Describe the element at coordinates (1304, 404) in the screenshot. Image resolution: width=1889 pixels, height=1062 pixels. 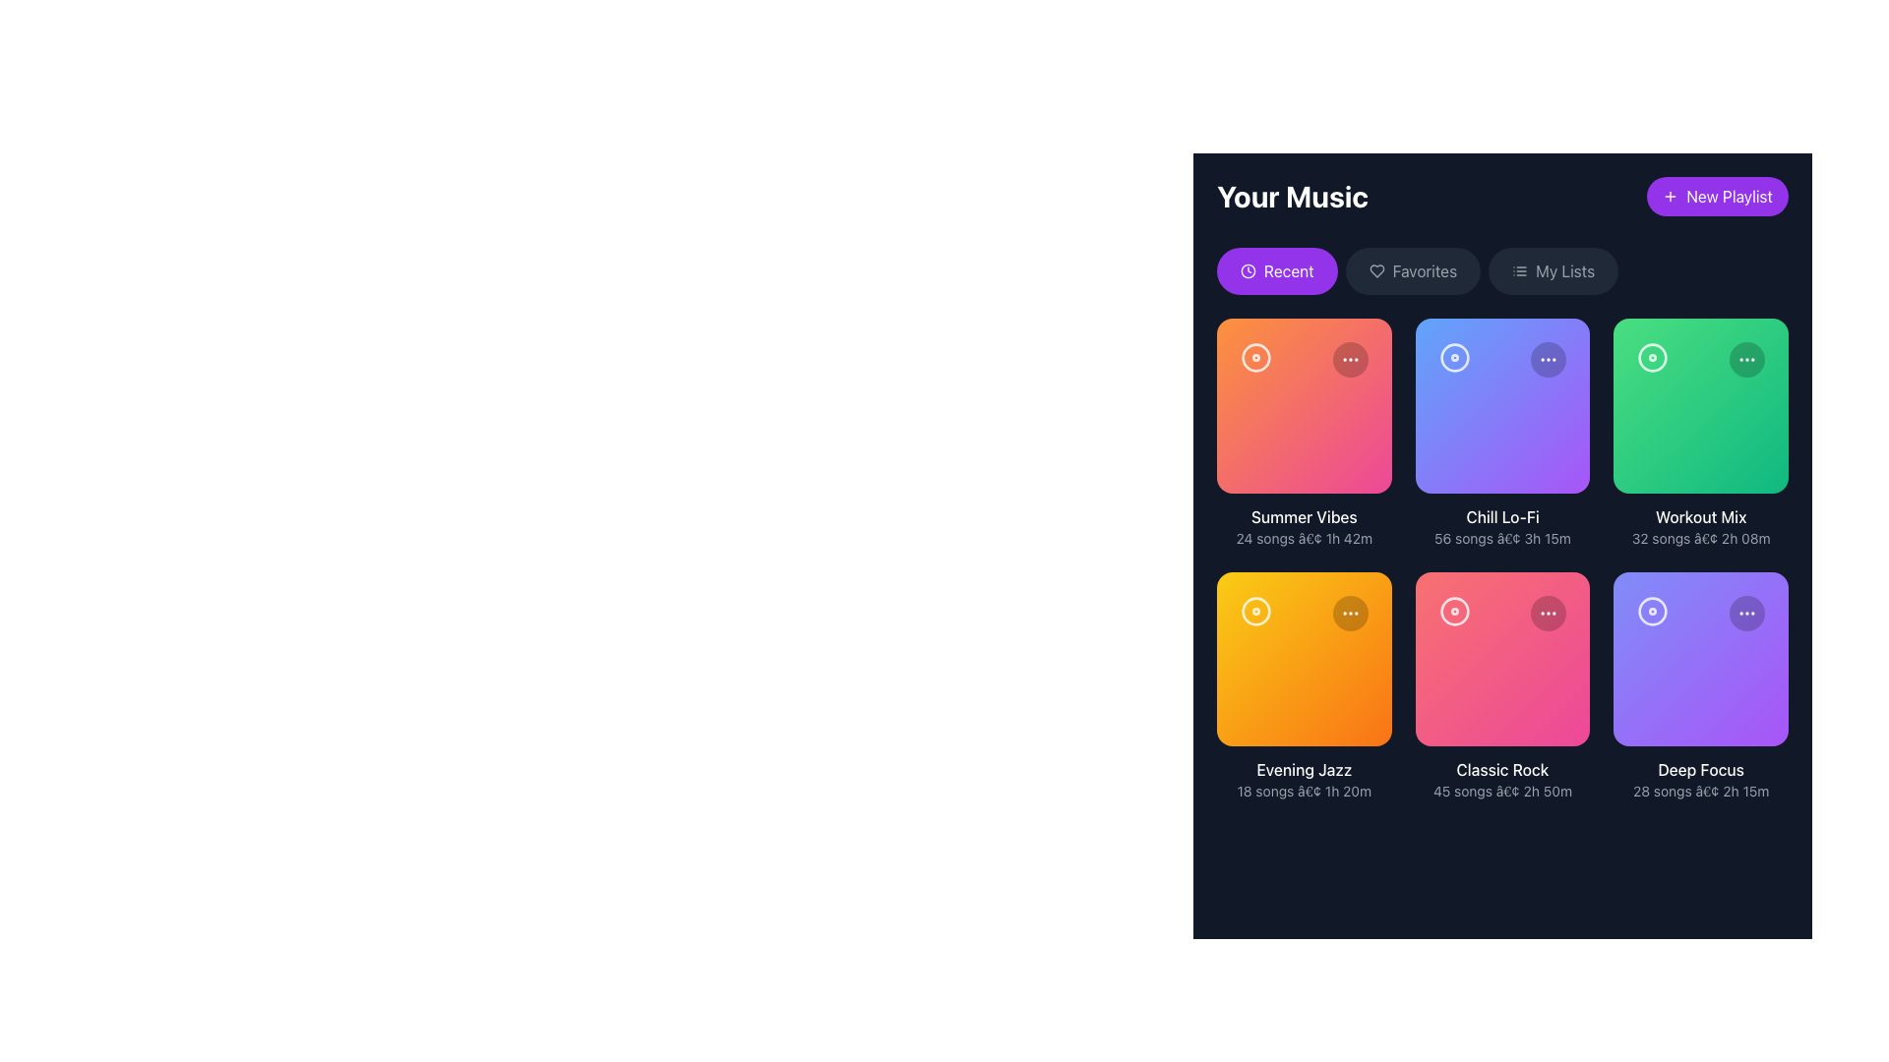
I see `the 'Summer Vibes' card, which is the first item` at that location.